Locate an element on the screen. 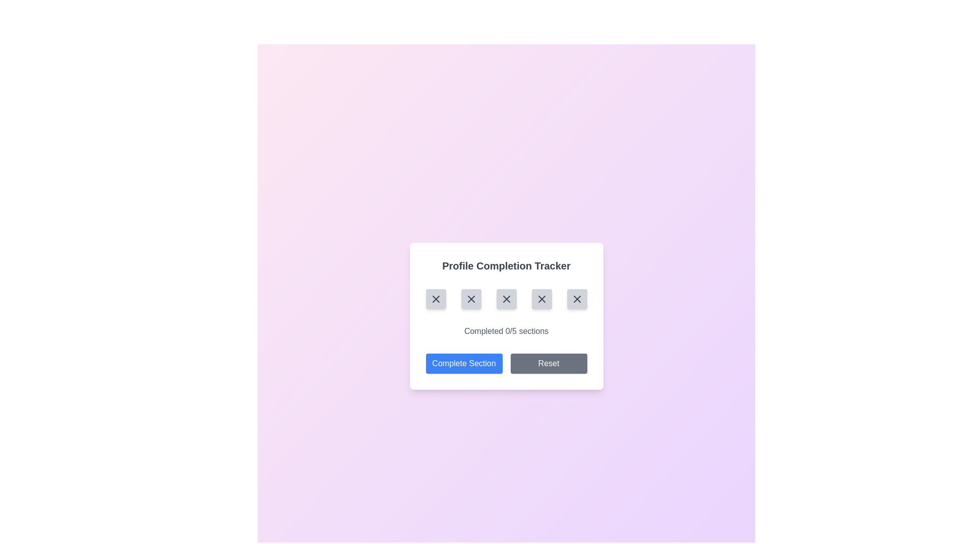 Image resolution: width=968 pixels, height=544 pixels. the second icon in the row of five identical icons under the 'Profile Completion Tracker' heading for additional actions is located at coordinates (470, 299).